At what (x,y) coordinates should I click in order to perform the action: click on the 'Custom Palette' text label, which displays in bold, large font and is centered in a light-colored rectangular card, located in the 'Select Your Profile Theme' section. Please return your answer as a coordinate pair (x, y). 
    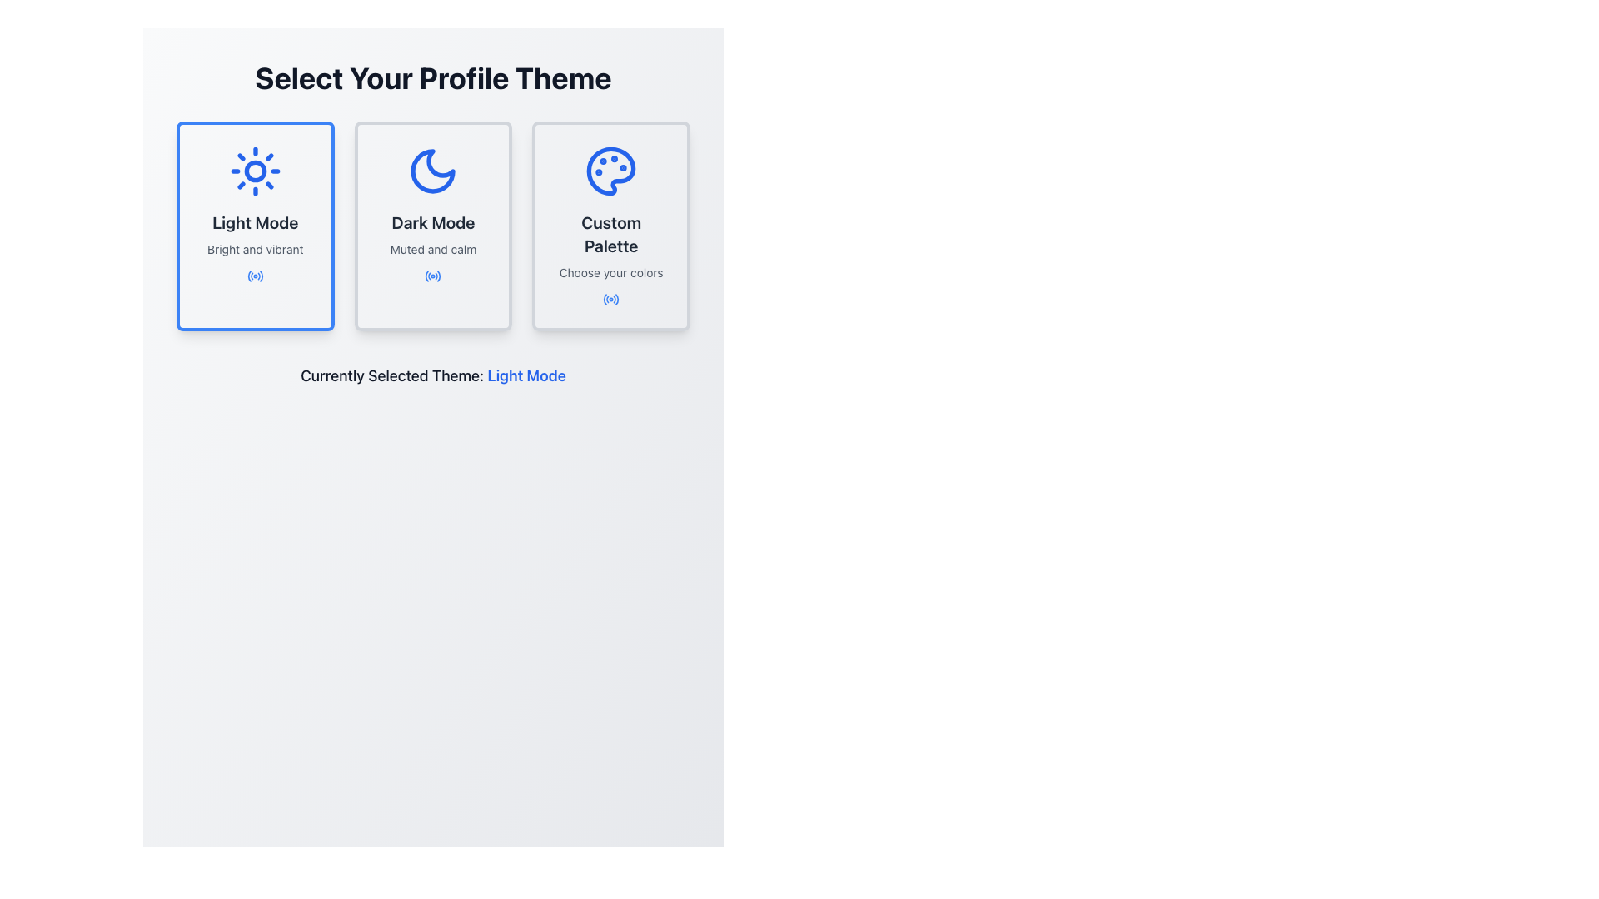
    Looking at the image, I should click on (610, 234).